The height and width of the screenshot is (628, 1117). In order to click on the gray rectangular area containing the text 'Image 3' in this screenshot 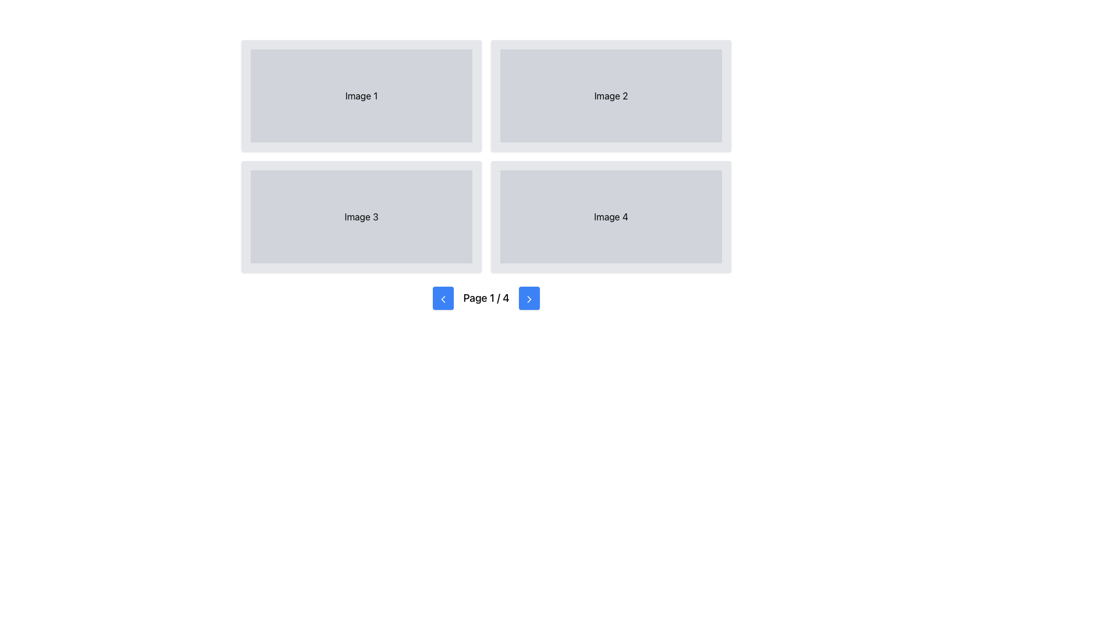, I will do `click(361, 217)`.